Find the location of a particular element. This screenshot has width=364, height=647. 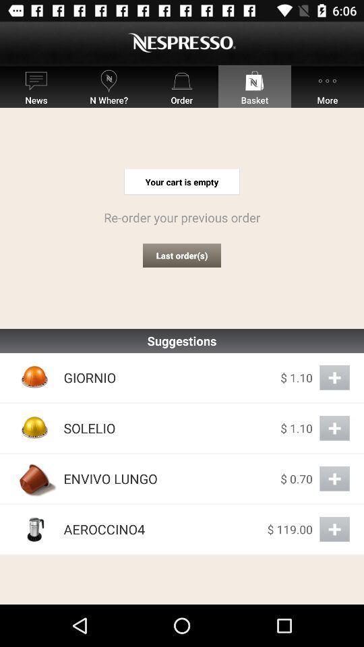

suggestet maschine is located at coordinates (334, 529).